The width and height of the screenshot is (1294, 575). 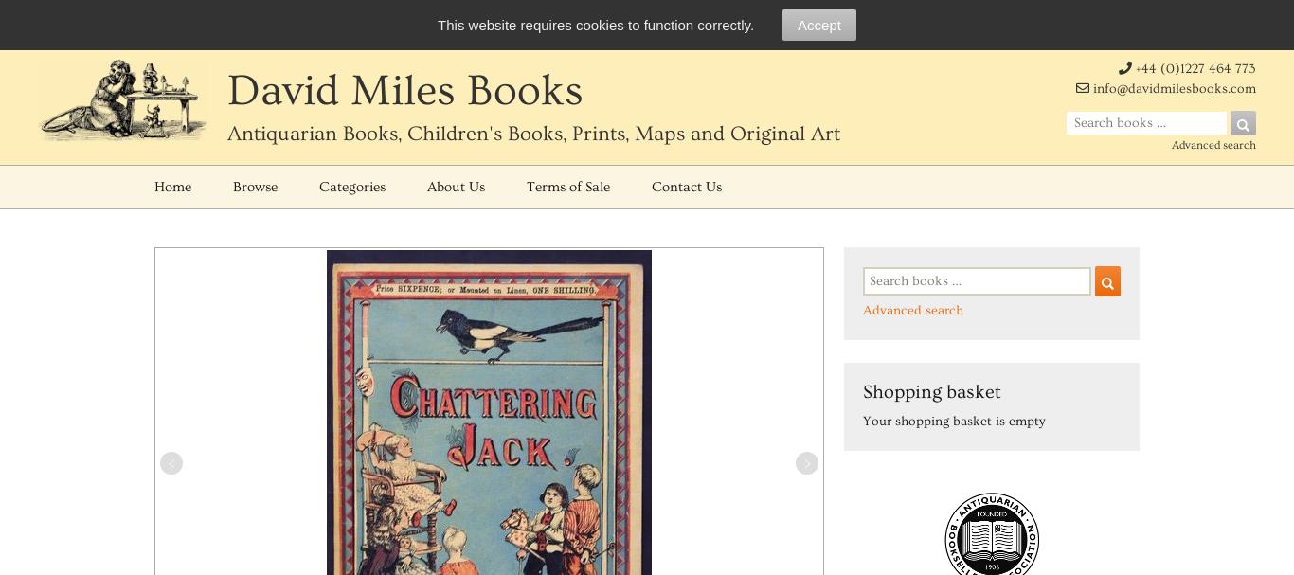 I want to click on 'About Us', so click(x=456, y=186).